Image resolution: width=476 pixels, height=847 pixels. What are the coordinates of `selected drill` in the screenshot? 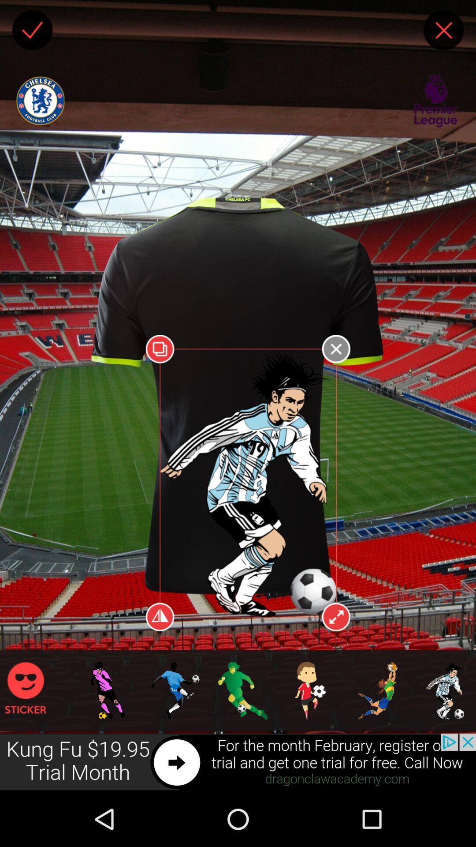 It's located at (86, 563).